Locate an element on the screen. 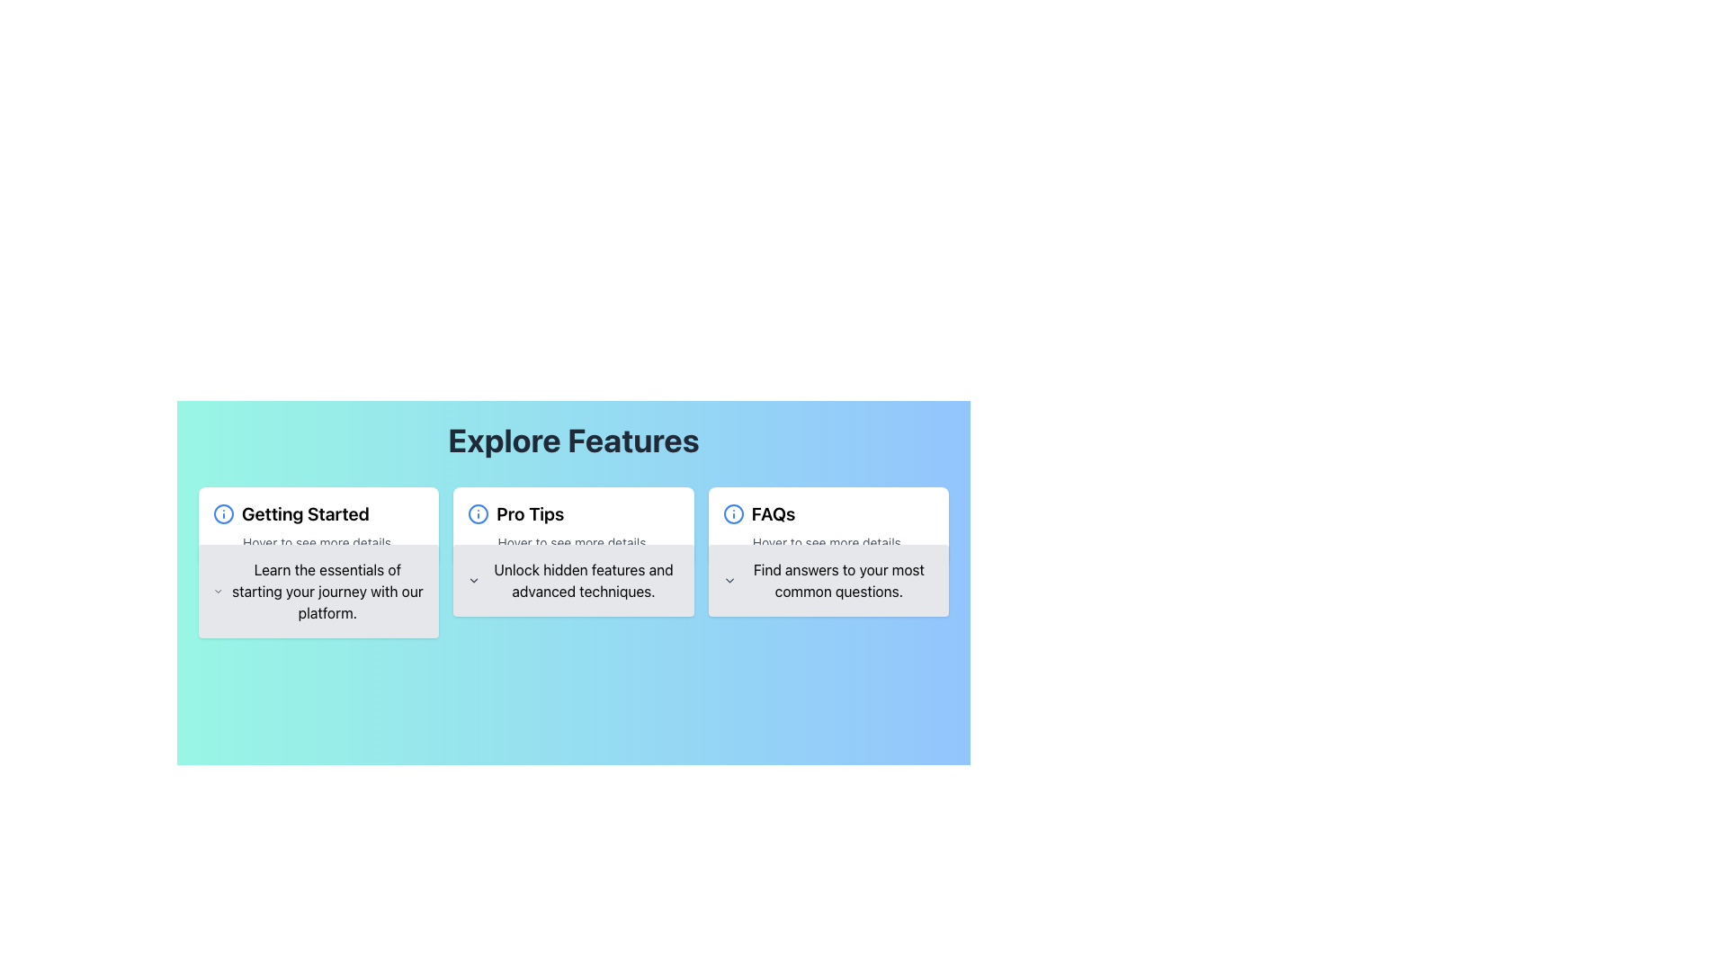  the Dropdown indicator icon within the 'Pro Tips' card to observe interactivity effects is located at coordinates (474, 580).